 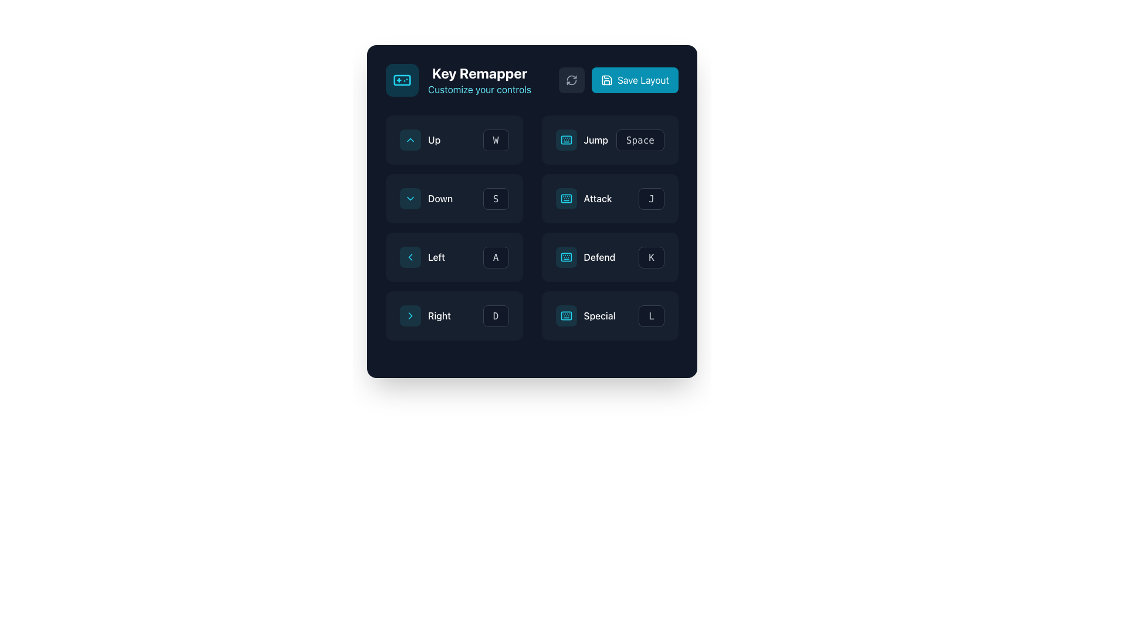 What do you see at coordinates (496, 315) in the screenshot?
I see `the button representing the keybinding for the 'Right' action, located in the bottom-right corner of the central panel adjacent to the label 'Right'` at bounding box center [496, 315].